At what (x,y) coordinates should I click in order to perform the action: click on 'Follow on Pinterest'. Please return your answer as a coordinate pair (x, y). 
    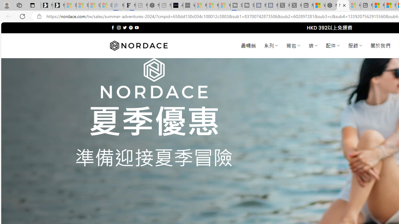
    Looking at the image, I should click on (130, 27).